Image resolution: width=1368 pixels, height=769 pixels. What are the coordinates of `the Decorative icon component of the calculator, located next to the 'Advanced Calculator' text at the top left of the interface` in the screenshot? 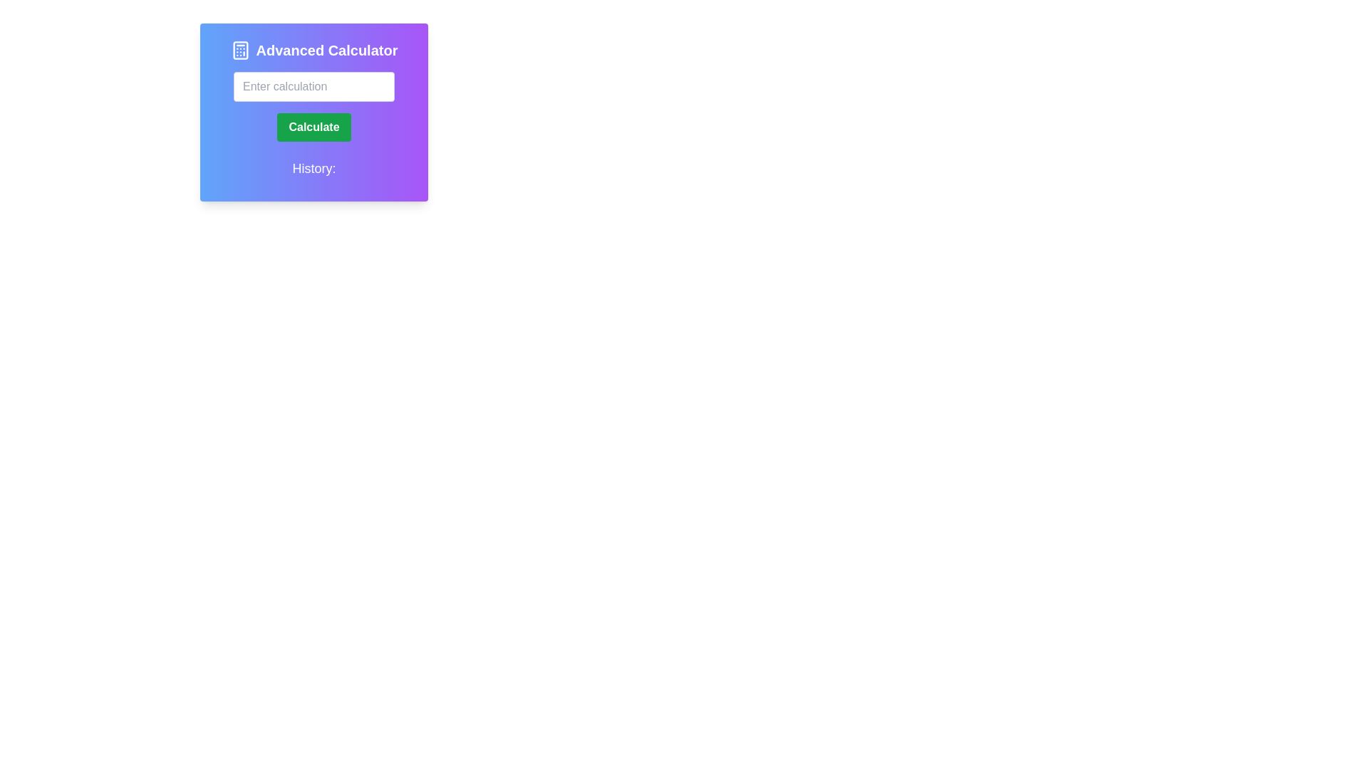 It's located at (240, 49).